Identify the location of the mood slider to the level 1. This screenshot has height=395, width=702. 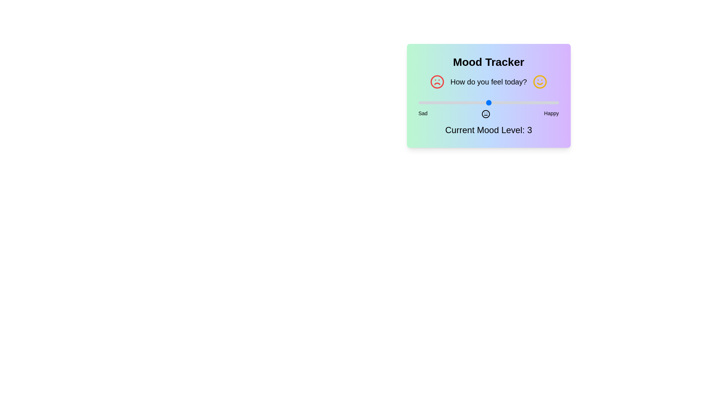
(418, 103).